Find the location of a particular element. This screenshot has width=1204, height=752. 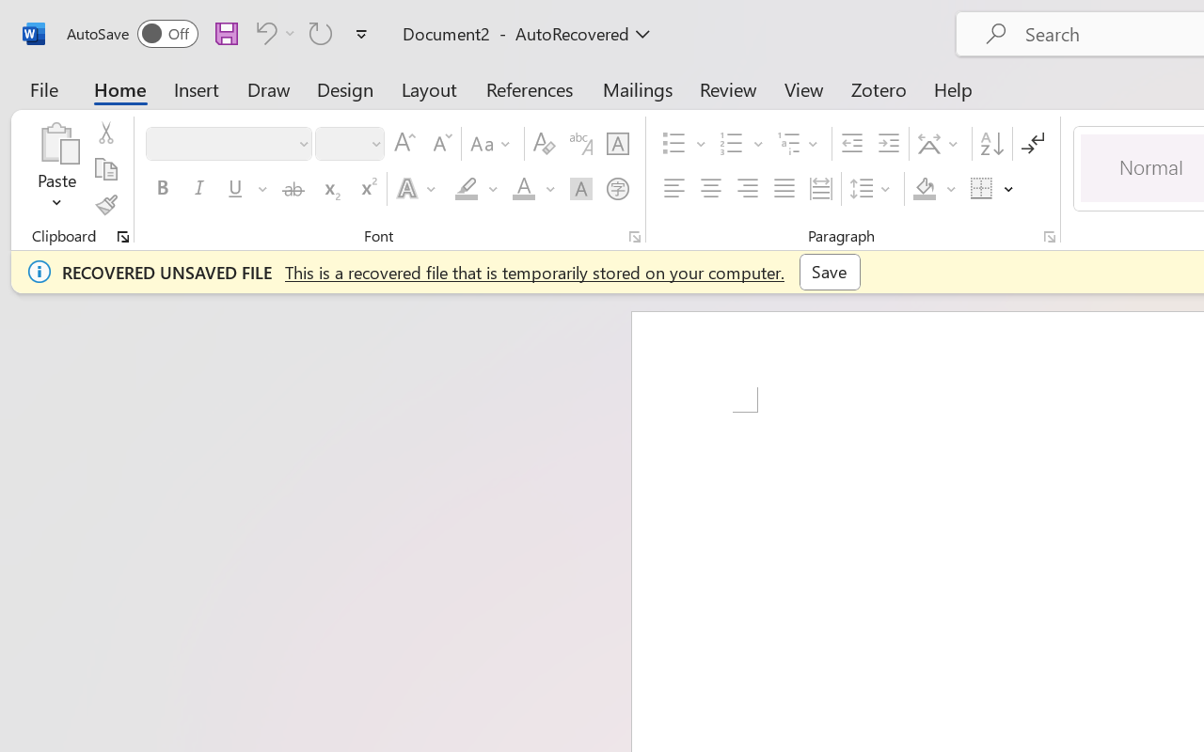

'Asian Layout' is located at coordinates (941, 144).